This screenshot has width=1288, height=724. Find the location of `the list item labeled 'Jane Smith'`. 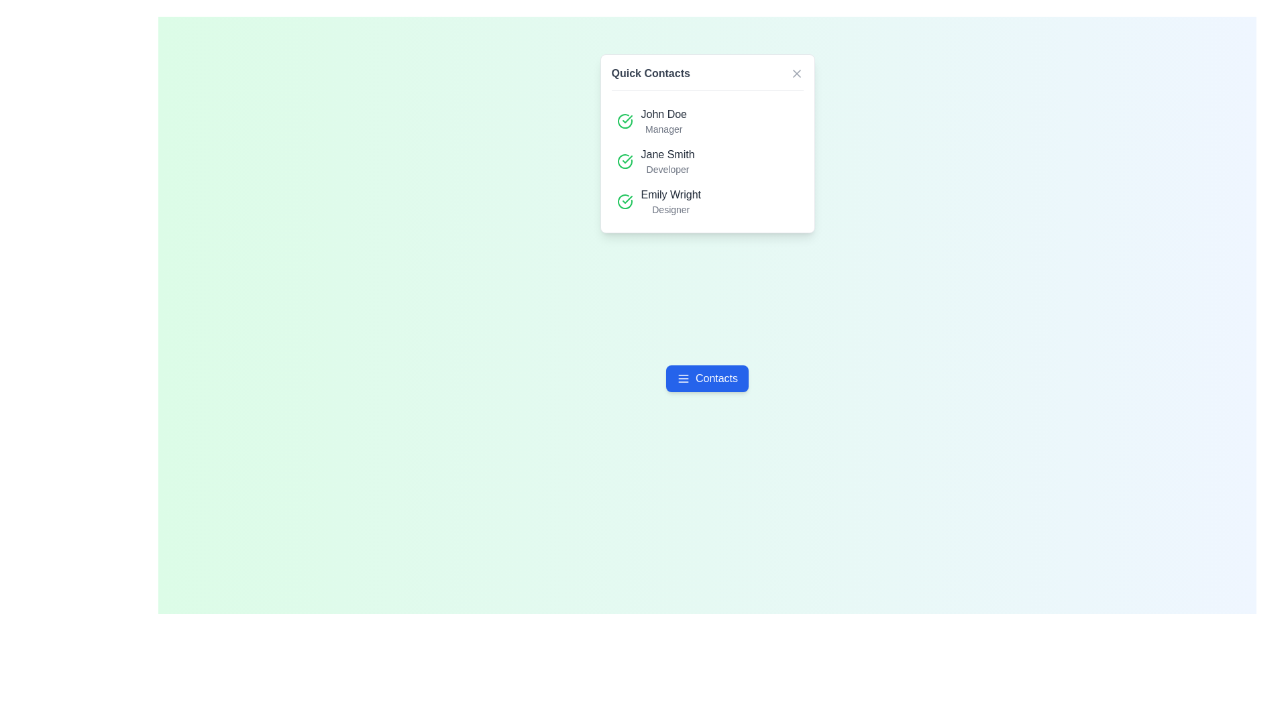

the list item labeled 'Jane Smith' is located at coordinates (706, 160).